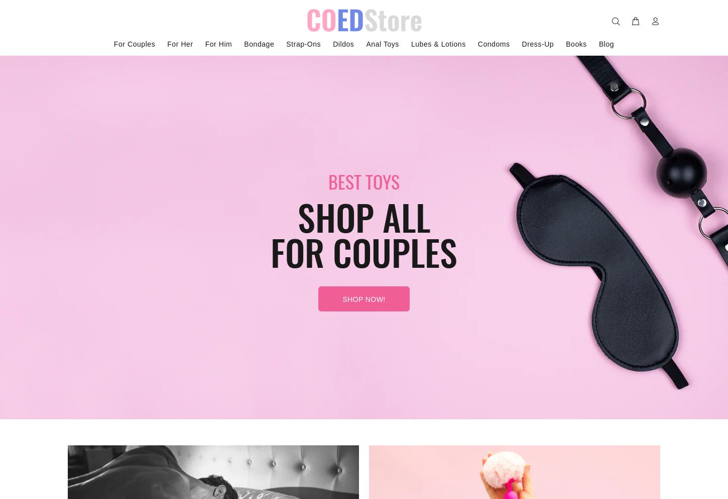  I want to click on 'For Her', so click(180, 44).